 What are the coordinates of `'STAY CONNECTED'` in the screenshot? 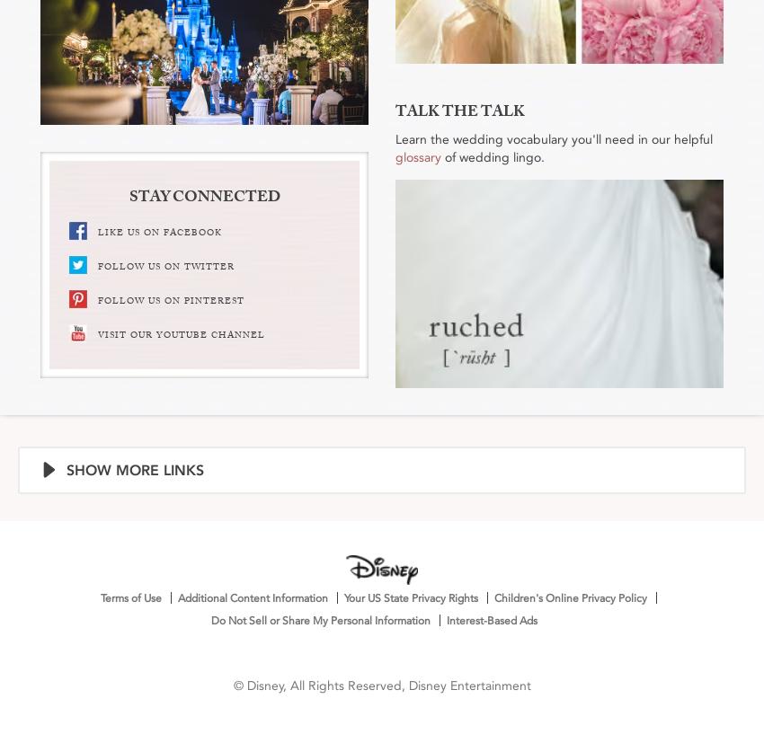 It's located at (128, 198).